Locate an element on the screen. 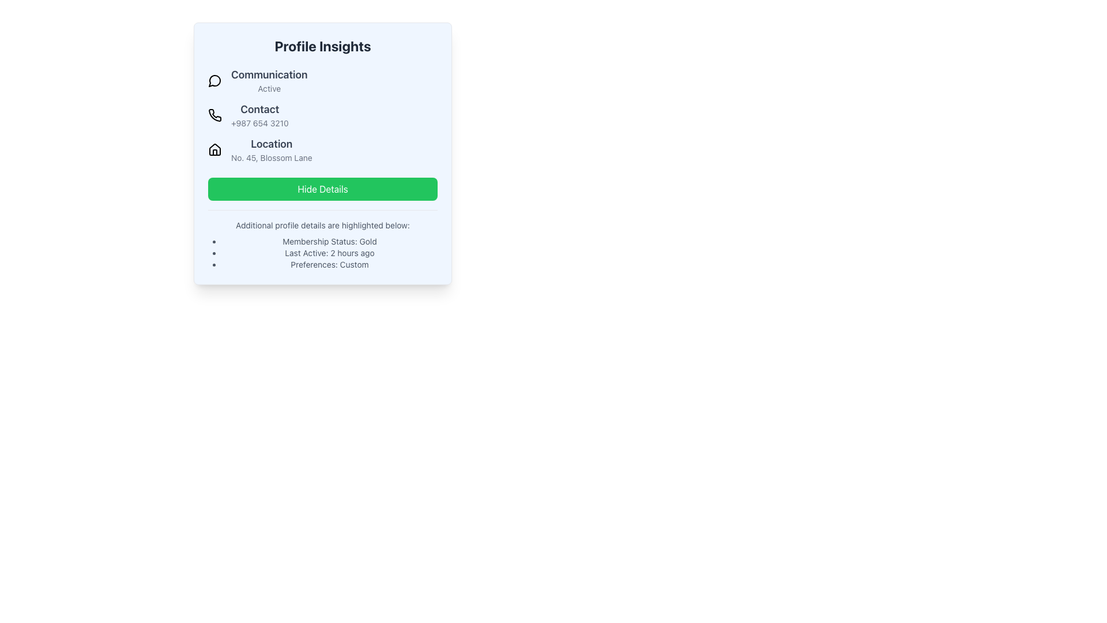  the text element displaying 'Active' located under the 'Communication' header in the 'Profile Insights' section is located at coordinates (269, 88).